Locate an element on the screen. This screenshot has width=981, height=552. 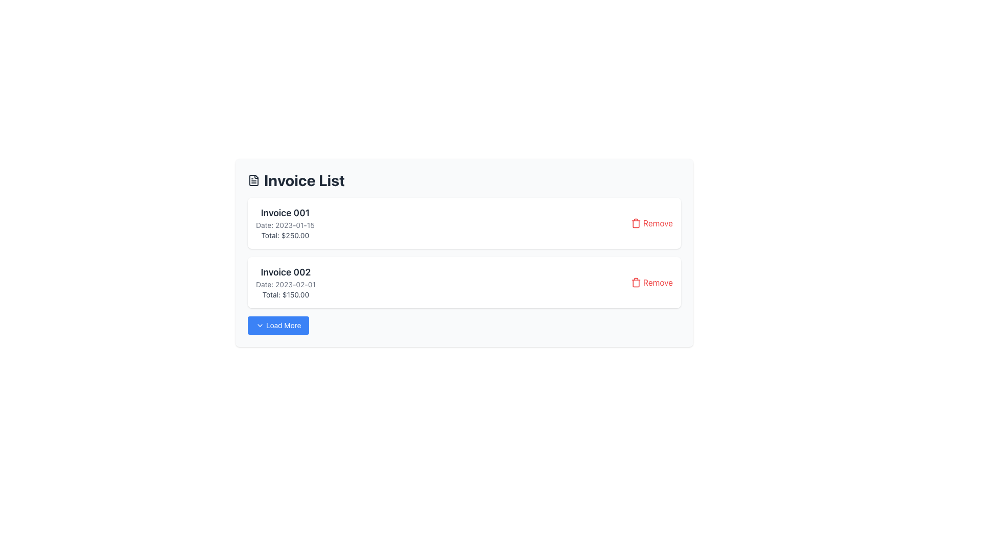
the remove icon located to the left of the 'Remove' text for the first invoice entry is located at coordinates (635, 222).